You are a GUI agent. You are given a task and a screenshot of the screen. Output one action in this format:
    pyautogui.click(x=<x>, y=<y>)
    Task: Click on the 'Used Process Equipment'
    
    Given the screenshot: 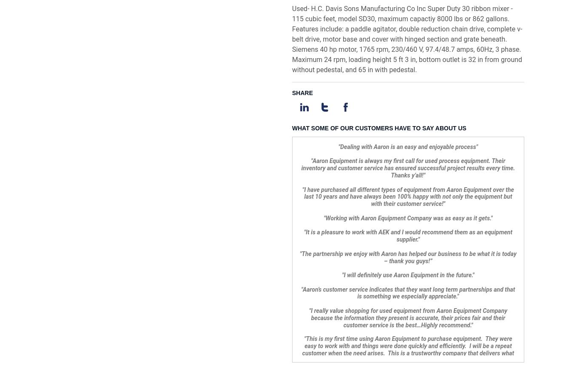 What is the action you would take?
    pyautogui.click(x=174, y=303)
    